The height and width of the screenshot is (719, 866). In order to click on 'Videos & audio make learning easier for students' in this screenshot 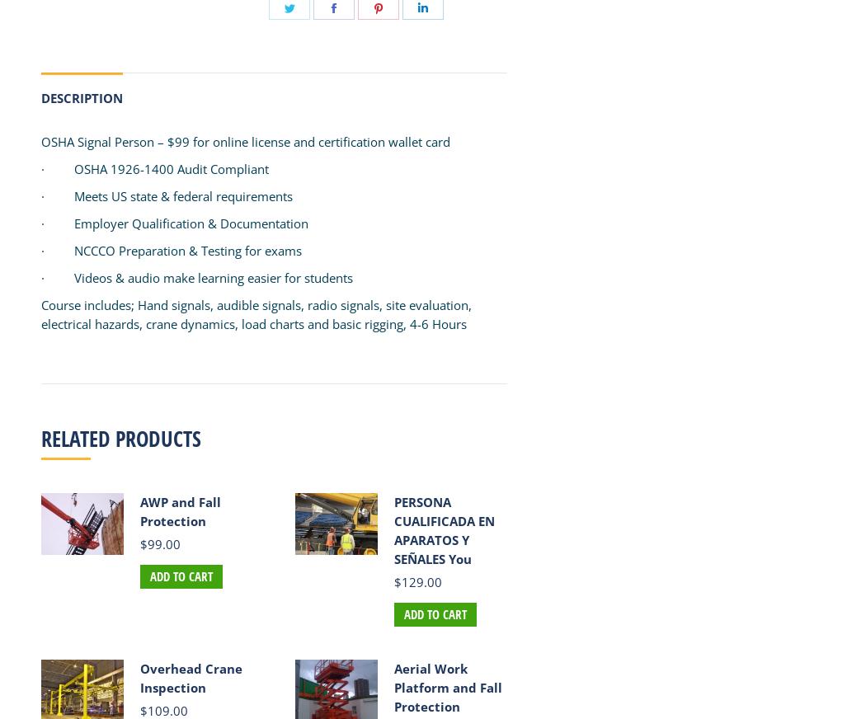, I will do `click(214, 278)`.